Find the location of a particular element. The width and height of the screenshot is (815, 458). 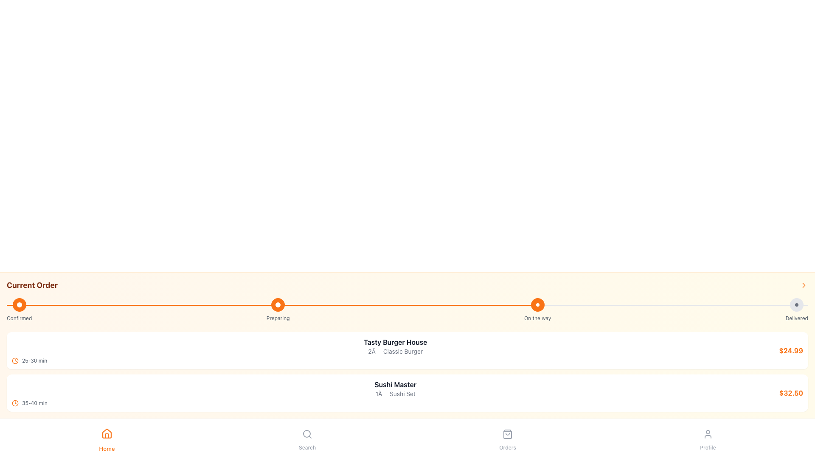

the 'Orders' text label located in the bottom navigation area, which is the third label among navigation options, positioned between 'Search' and 'Profile' is located at coordinates (508, 447).